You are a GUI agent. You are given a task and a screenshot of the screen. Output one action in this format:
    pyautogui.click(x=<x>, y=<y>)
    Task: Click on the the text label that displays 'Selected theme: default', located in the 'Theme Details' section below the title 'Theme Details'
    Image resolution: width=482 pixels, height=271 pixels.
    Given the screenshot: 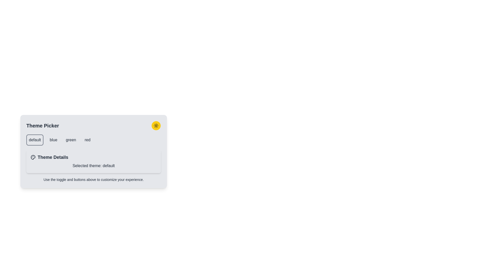 What is the action you would take?
    pyautogui.click(x=94, y=166)
    